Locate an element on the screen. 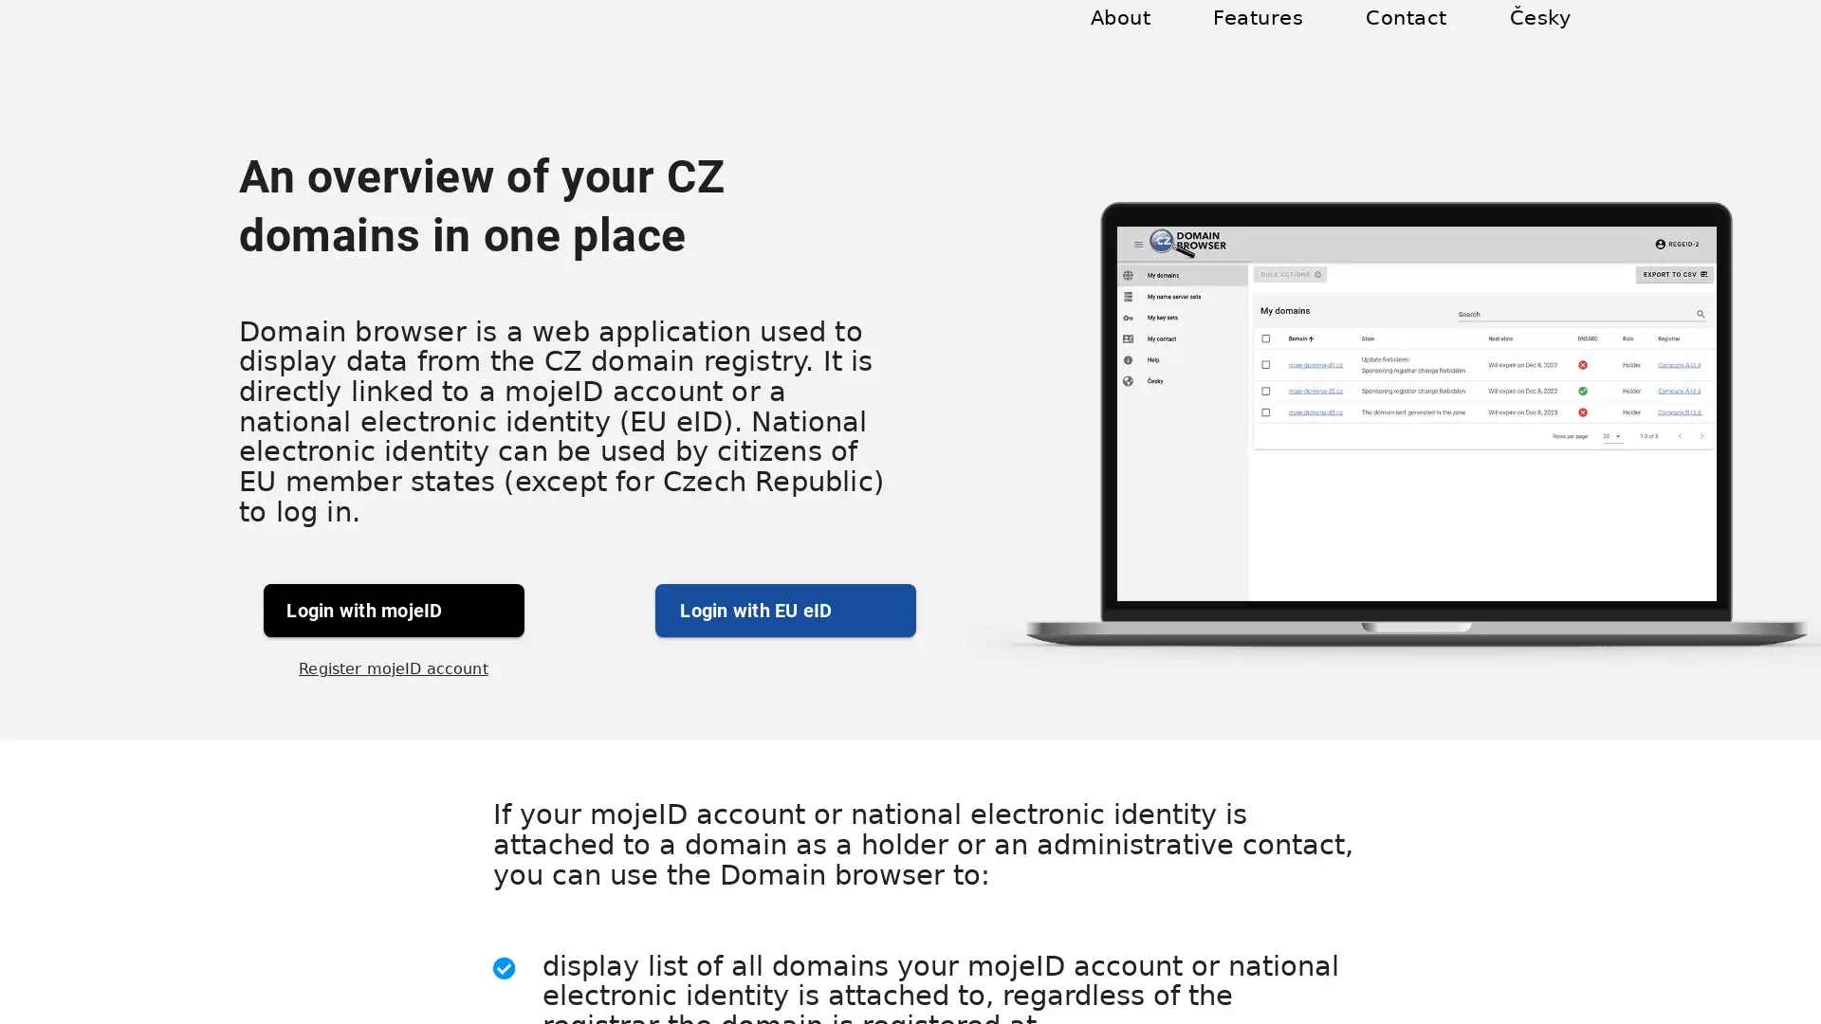  About is located at coordinates (1141, 40).